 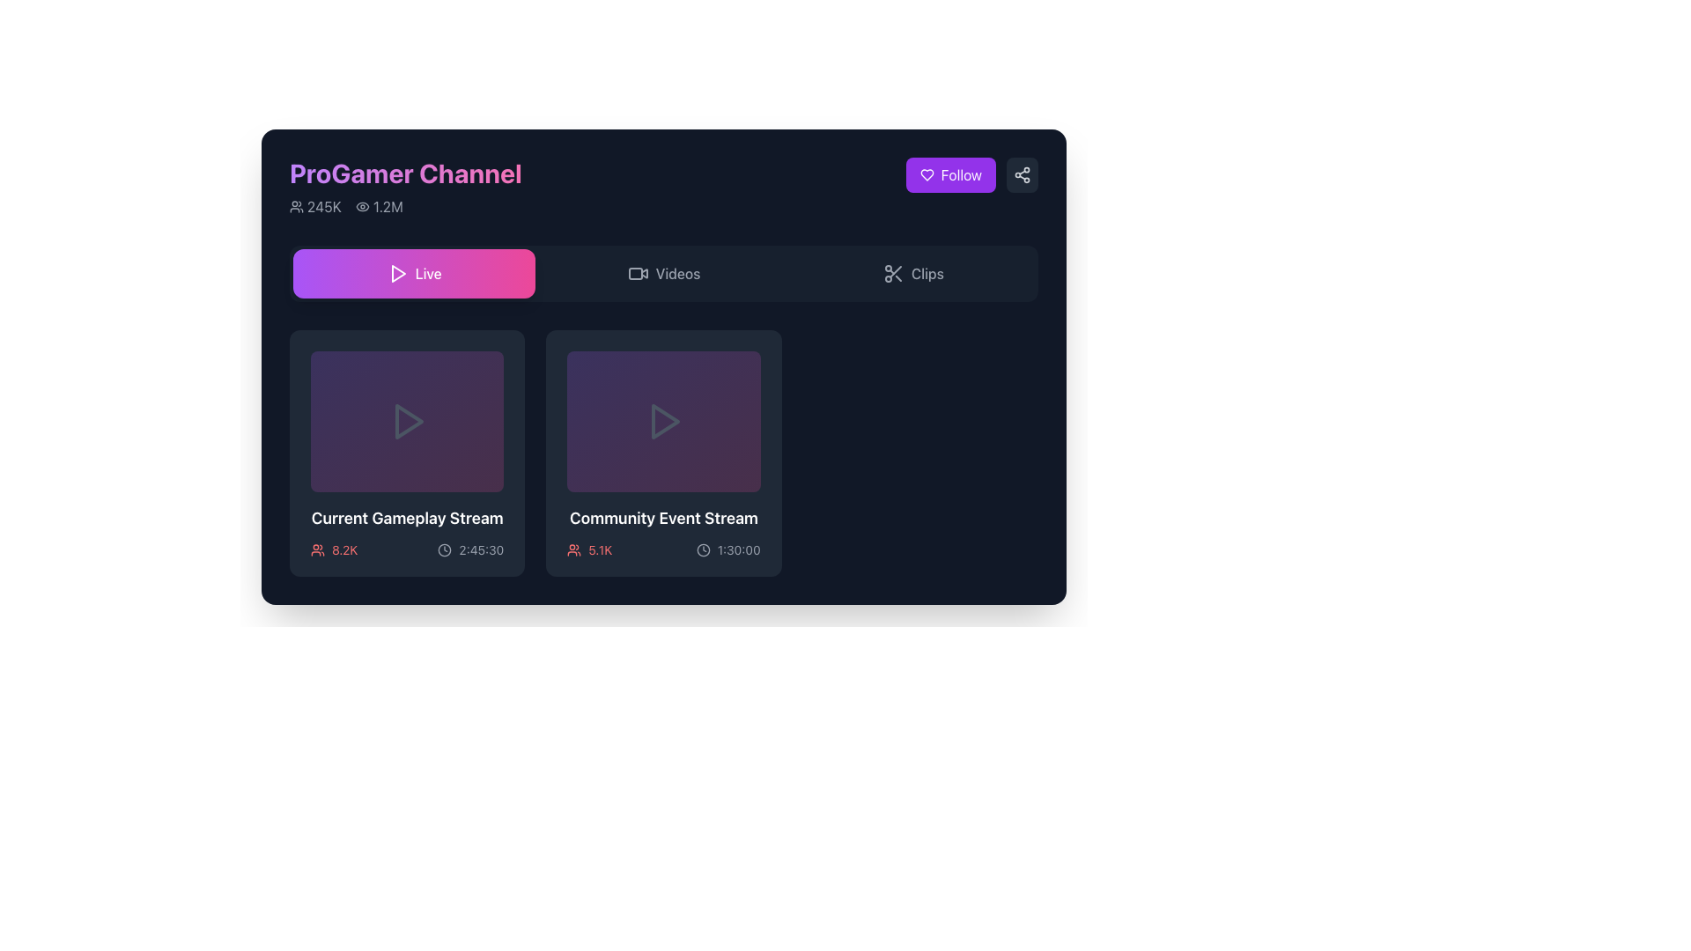 What do you see at coordinates (662, 421) in the screenshot?
I see `background gradient of the Multimedia card with the central play icon located in the second column under the 'Community Event Stream' label` at bounding box center [662, 421].